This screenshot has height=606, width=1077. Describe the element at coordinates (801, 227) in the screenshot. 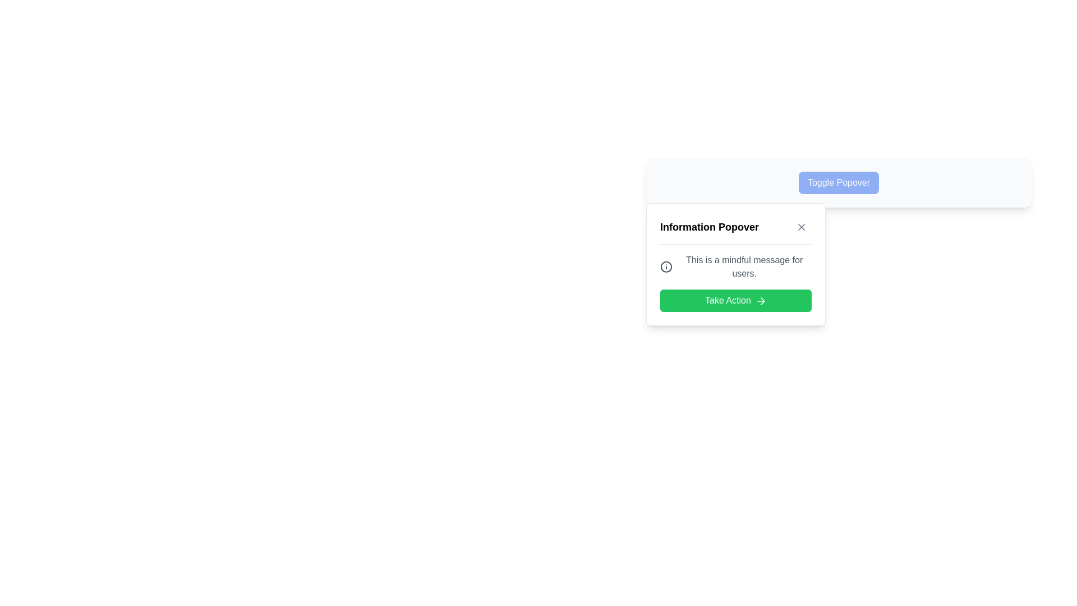

I see `the dismiss button represented by an 'X' icon located at the upper-right corner of the Information Popover` at that location.